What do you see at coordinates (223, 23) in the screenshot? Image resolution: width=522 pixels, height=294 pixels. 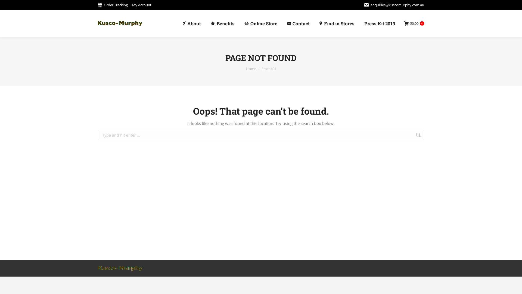 I see `'Benefits'` at bounding box center [223, 23].